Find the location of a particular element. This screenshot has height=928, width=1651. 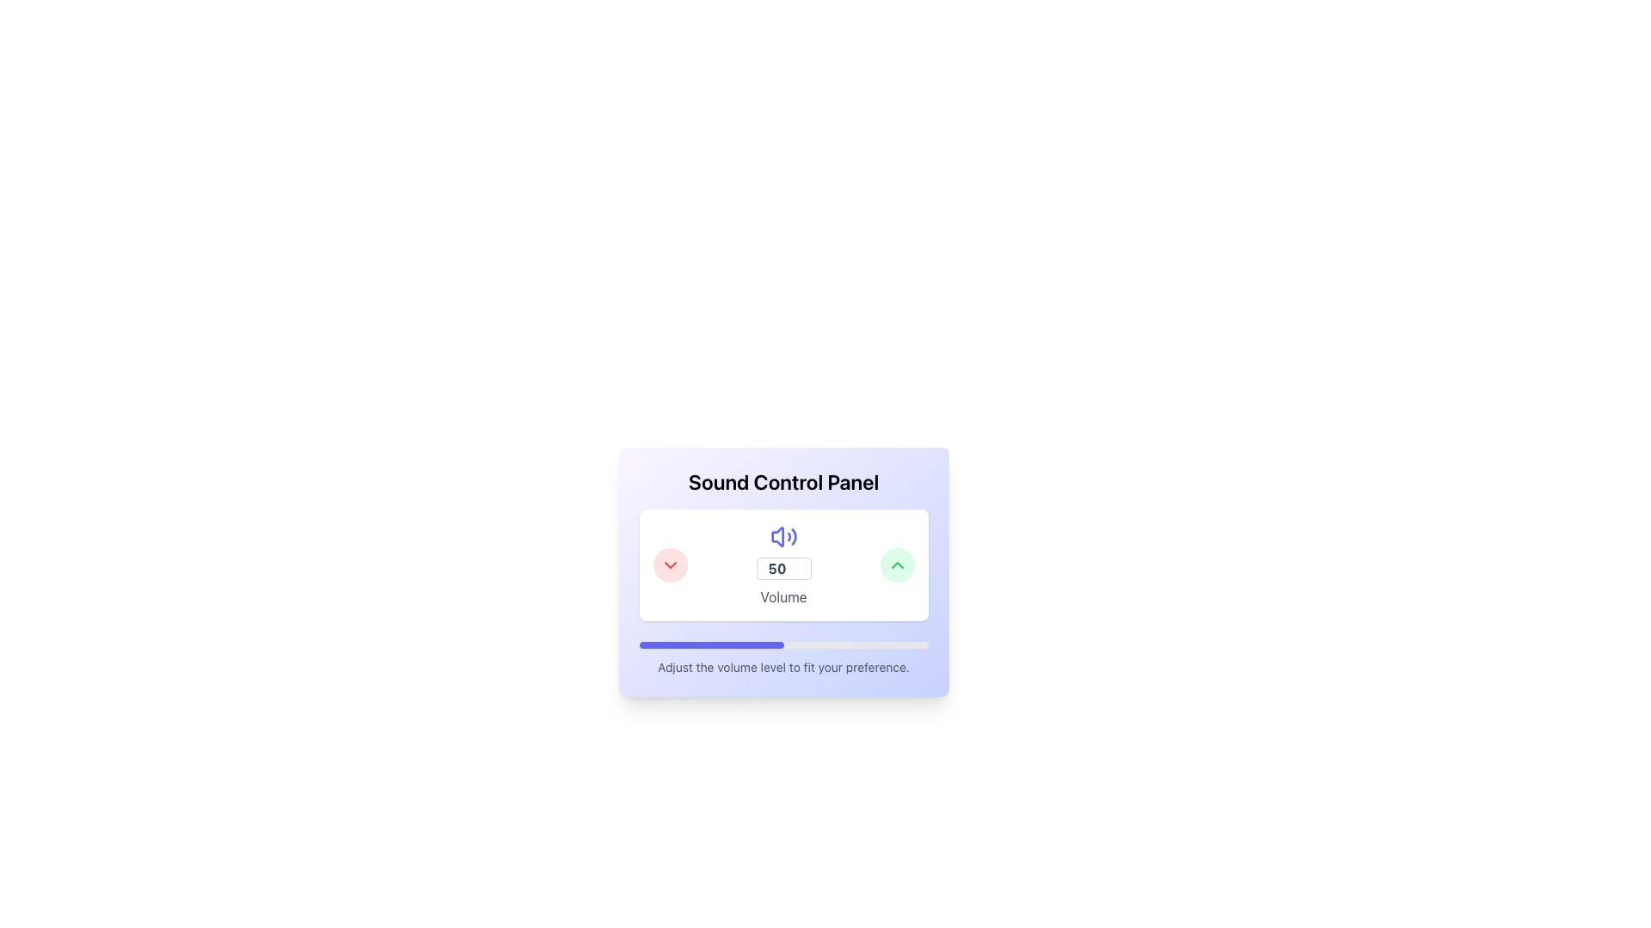

the thin, curved line resembling a sound wave, which is the third and farthest to the right among three wave-like lines emanating from the speaker icon is located at coordinates (793, 535).